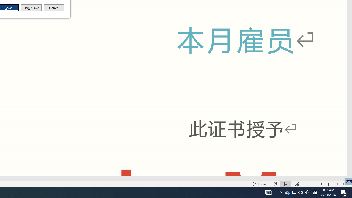 Image resolution: width=352 pixels, height=198 pixels. What do you see at coordinates (315, 192) in the screenshot?
I see `'Tray Input Indicator - Chinese (Simplified, China)'` at bounding box center [315, 192].